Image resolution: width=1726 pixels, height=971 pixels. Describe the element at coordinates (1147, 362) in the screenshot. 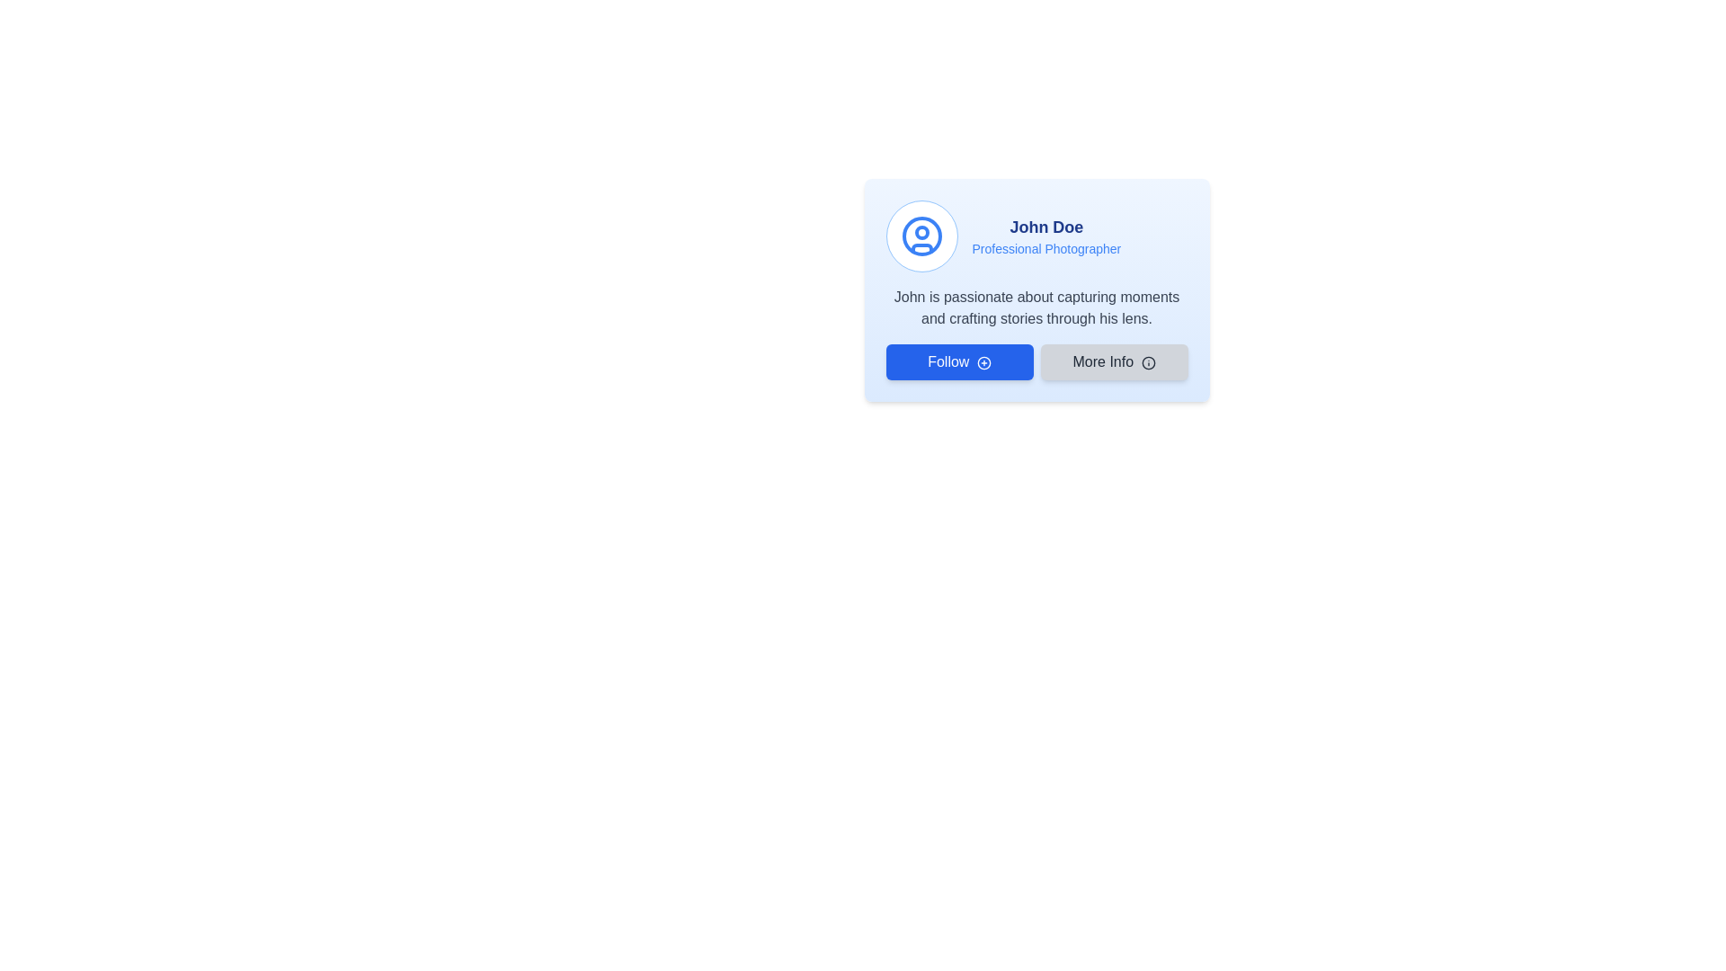

I see `the SVG Circle Element, which is a circular border with a light background located adjacent to the 'More Info' button in the bottom-right area of the user card, for visual feedback` at that location.